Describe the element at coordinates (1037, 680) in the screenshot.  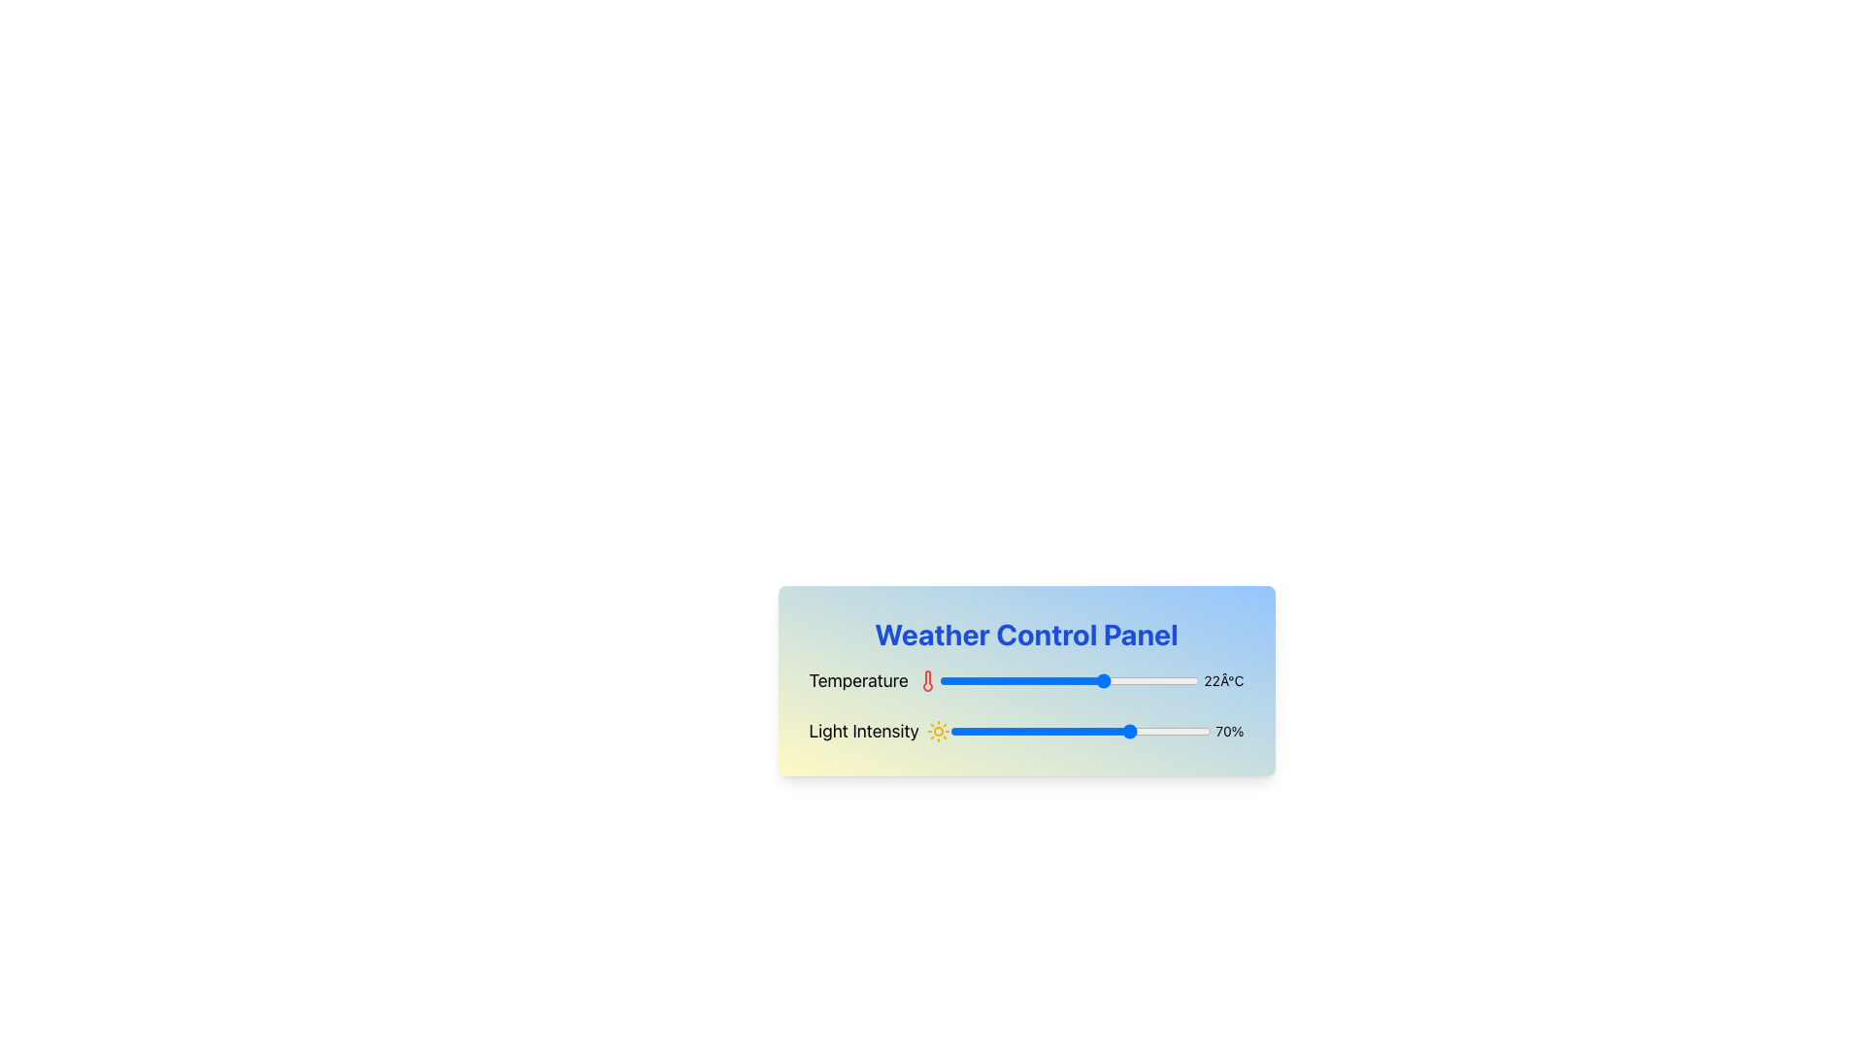
I see `the temperature slider` at that location.